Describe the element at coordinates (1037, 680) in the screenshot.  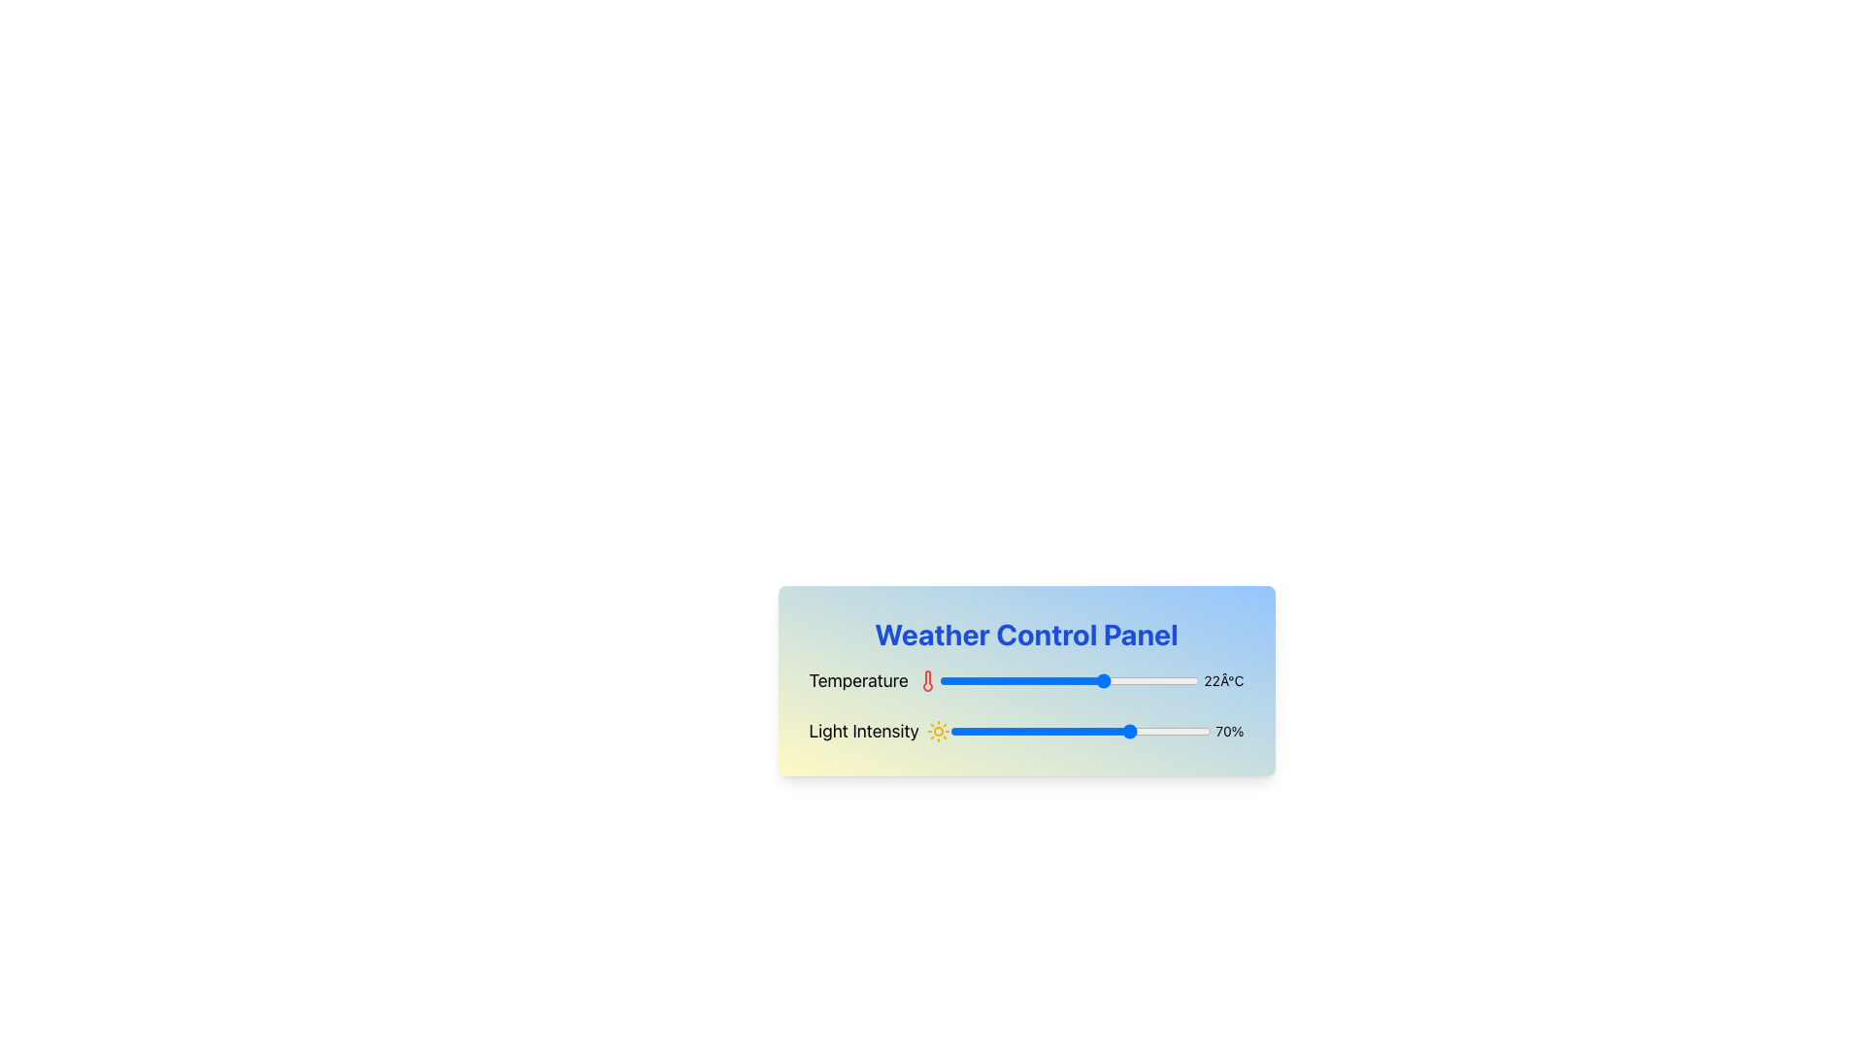
I see `the temperature slider` at that location.